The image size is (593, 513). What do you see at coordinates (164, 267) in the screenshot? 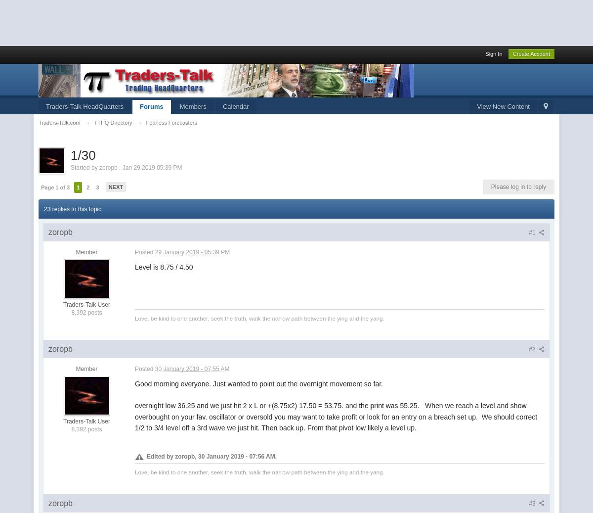
I see `'Level is 8.75 / 4.50'` at bounding box center [164, 267].